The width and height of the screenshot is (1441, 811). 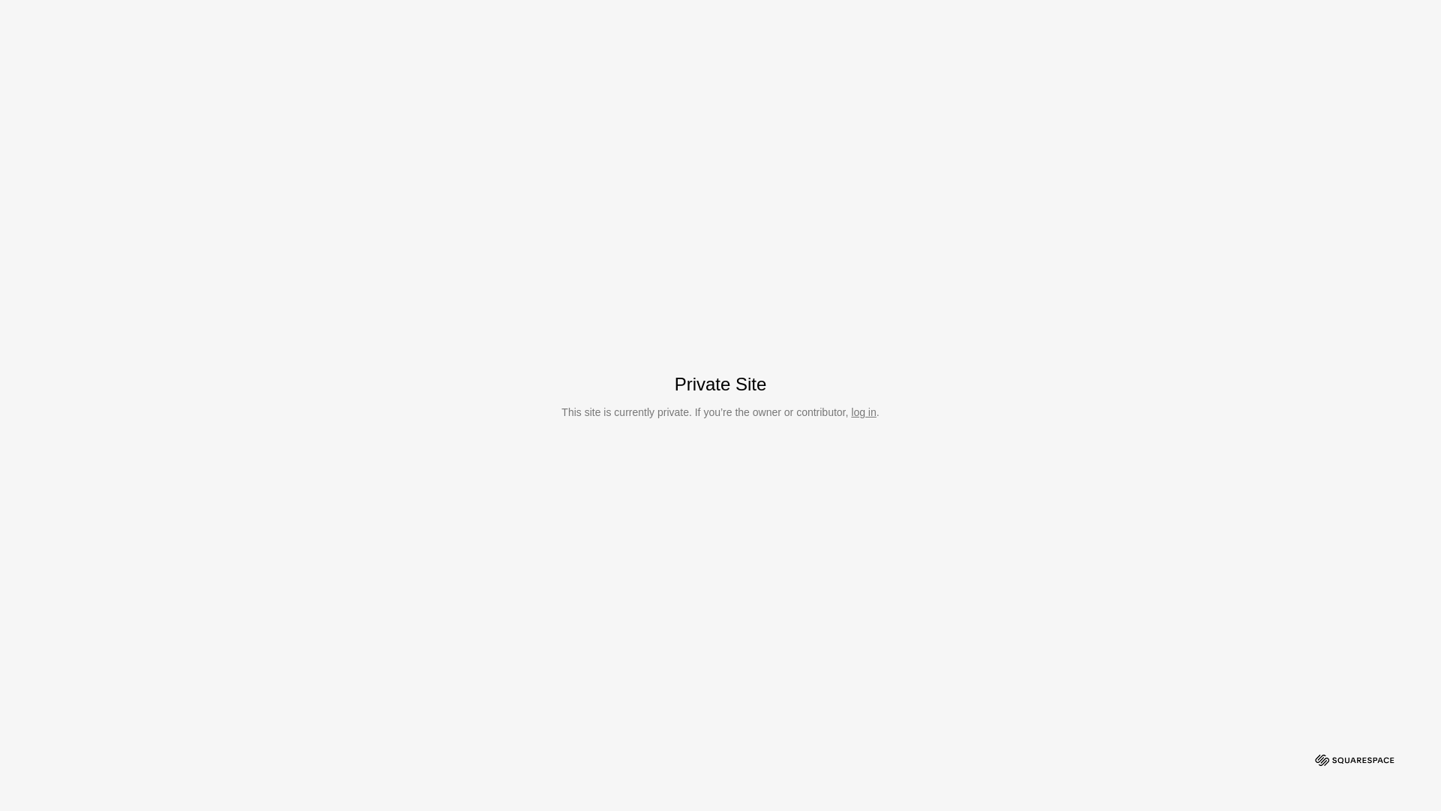 What do you see at coordinates (863, 412) in the screenshot?
I see `'log in'` at bounding box center [863, 412].